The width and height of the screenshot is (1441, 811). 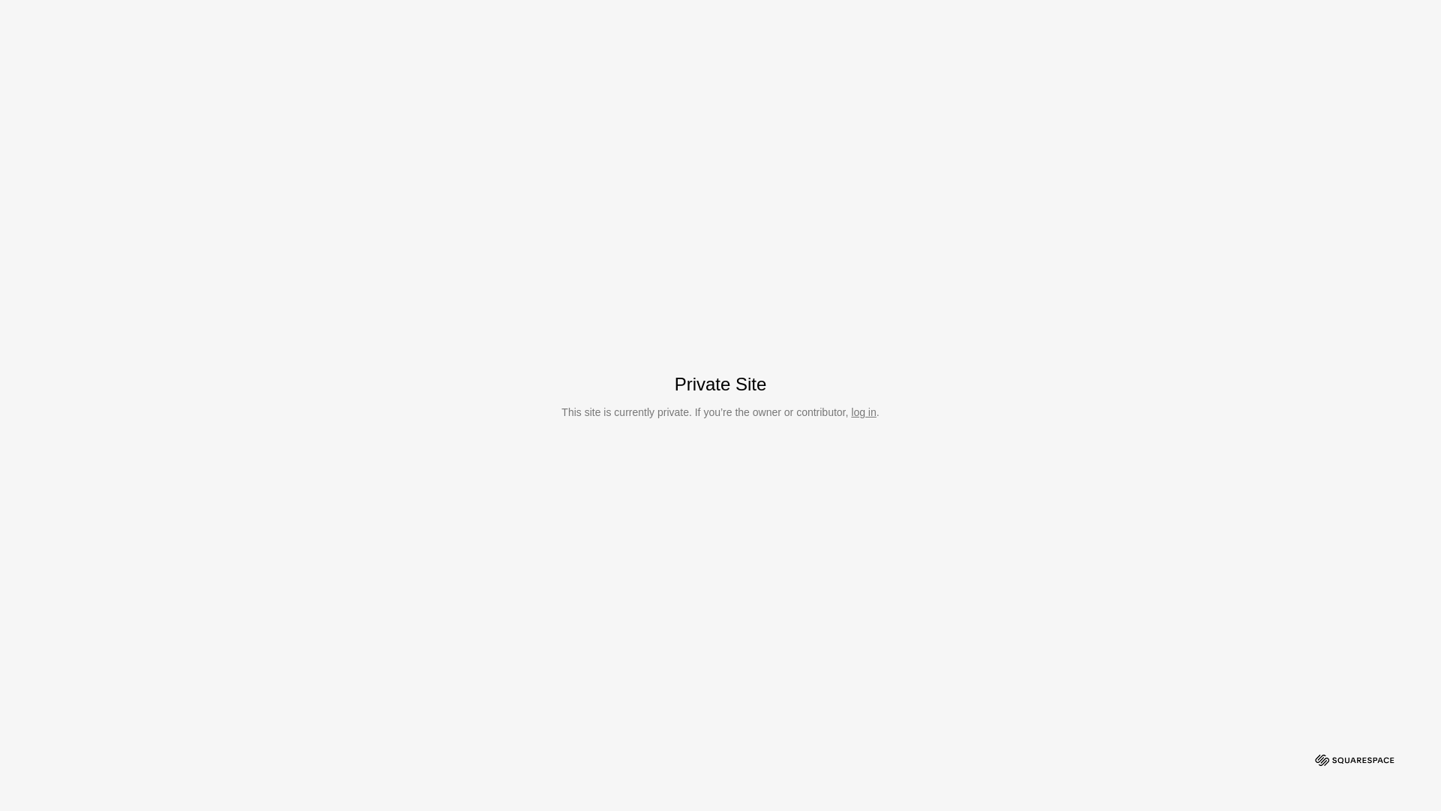 What do you see at coordinates (863, 412) in the screenshot?
I see `'log in'` at bounding box center [863, 412].